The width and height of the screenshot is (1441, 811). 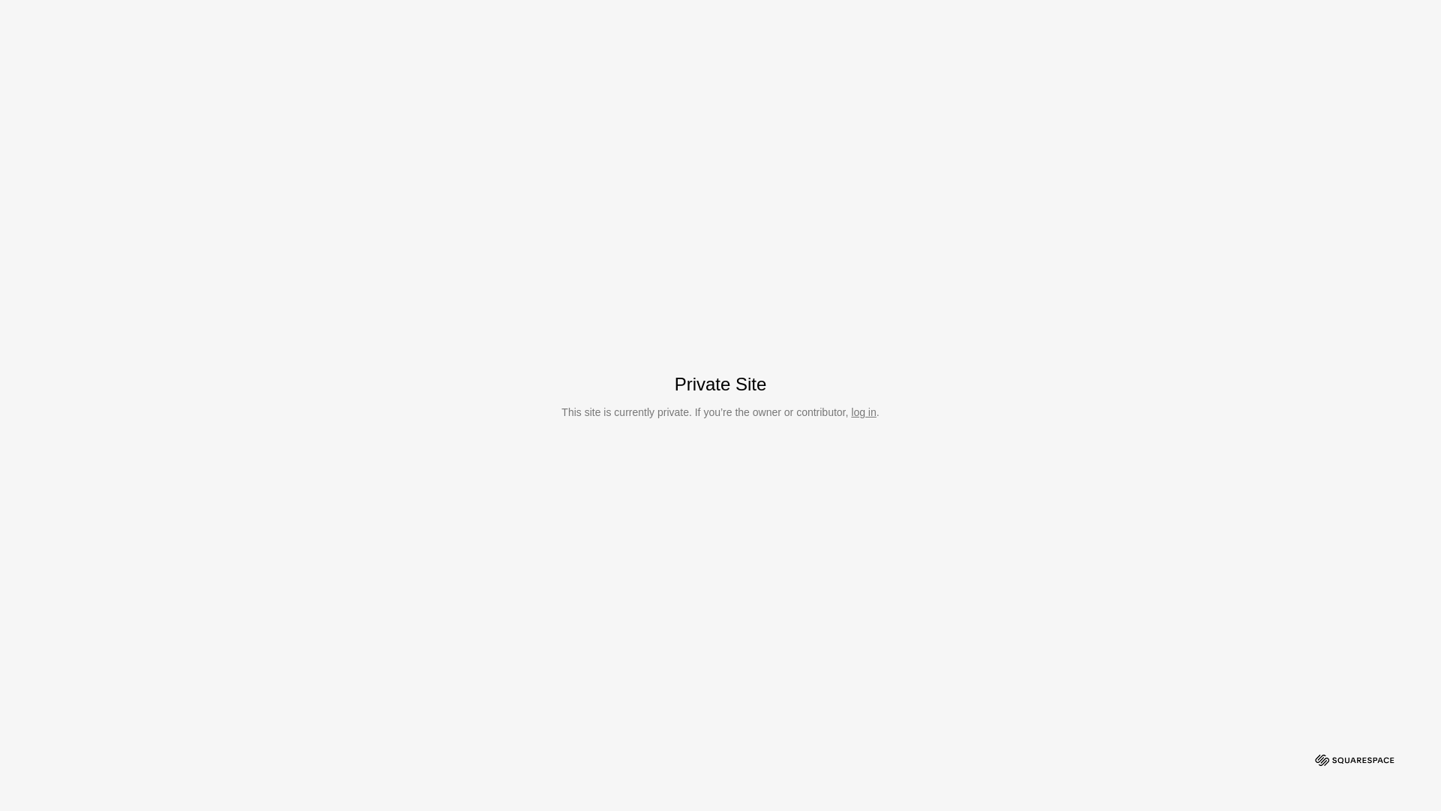 What do you see at coordinates (863, 412) in the screenshot?
I see `'log in'` at bounding box center [863, 412].